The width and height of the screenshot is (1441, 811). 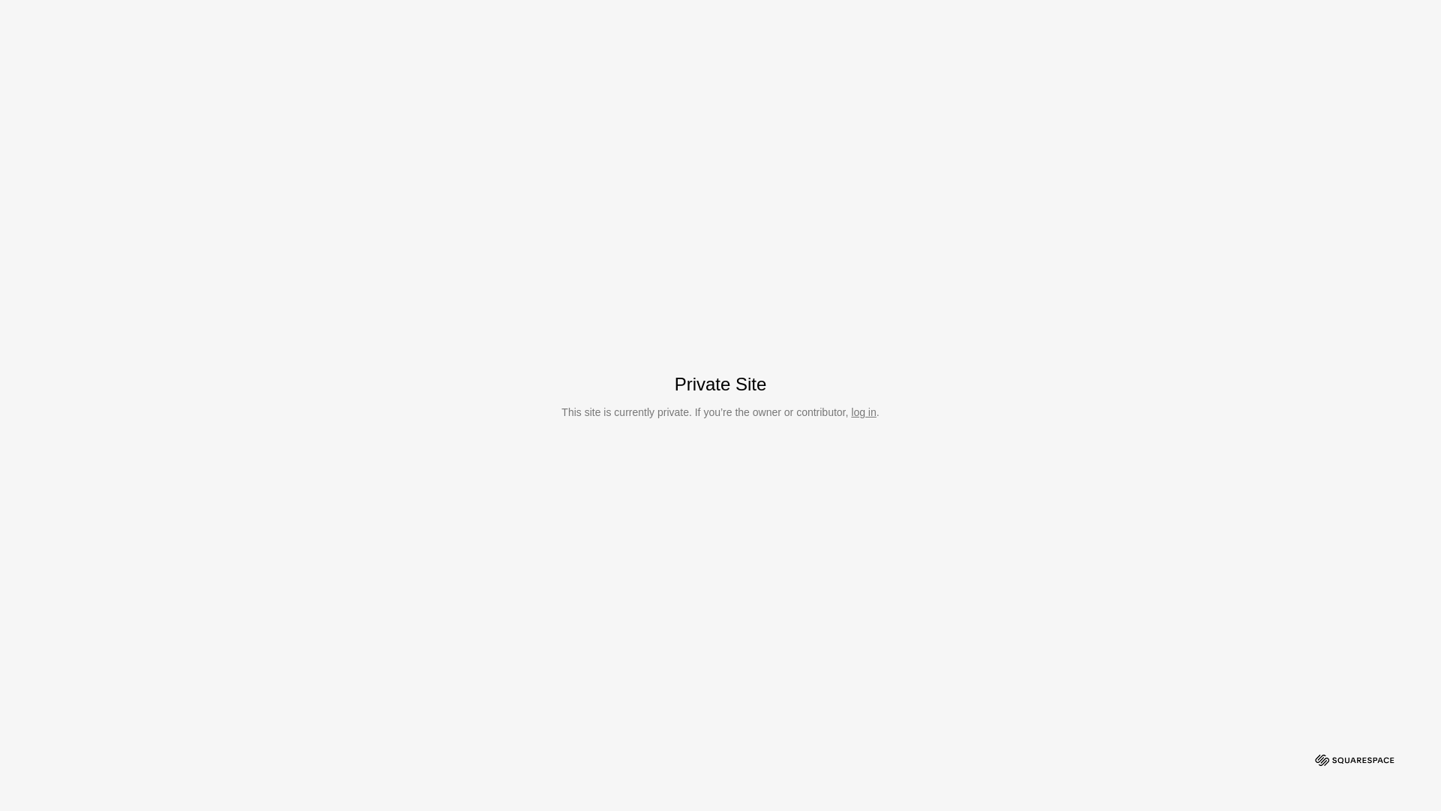 What do you see at coordinates (863, 412) in the screenshot?
I see `'log in'` at bounding box center [863, 412].